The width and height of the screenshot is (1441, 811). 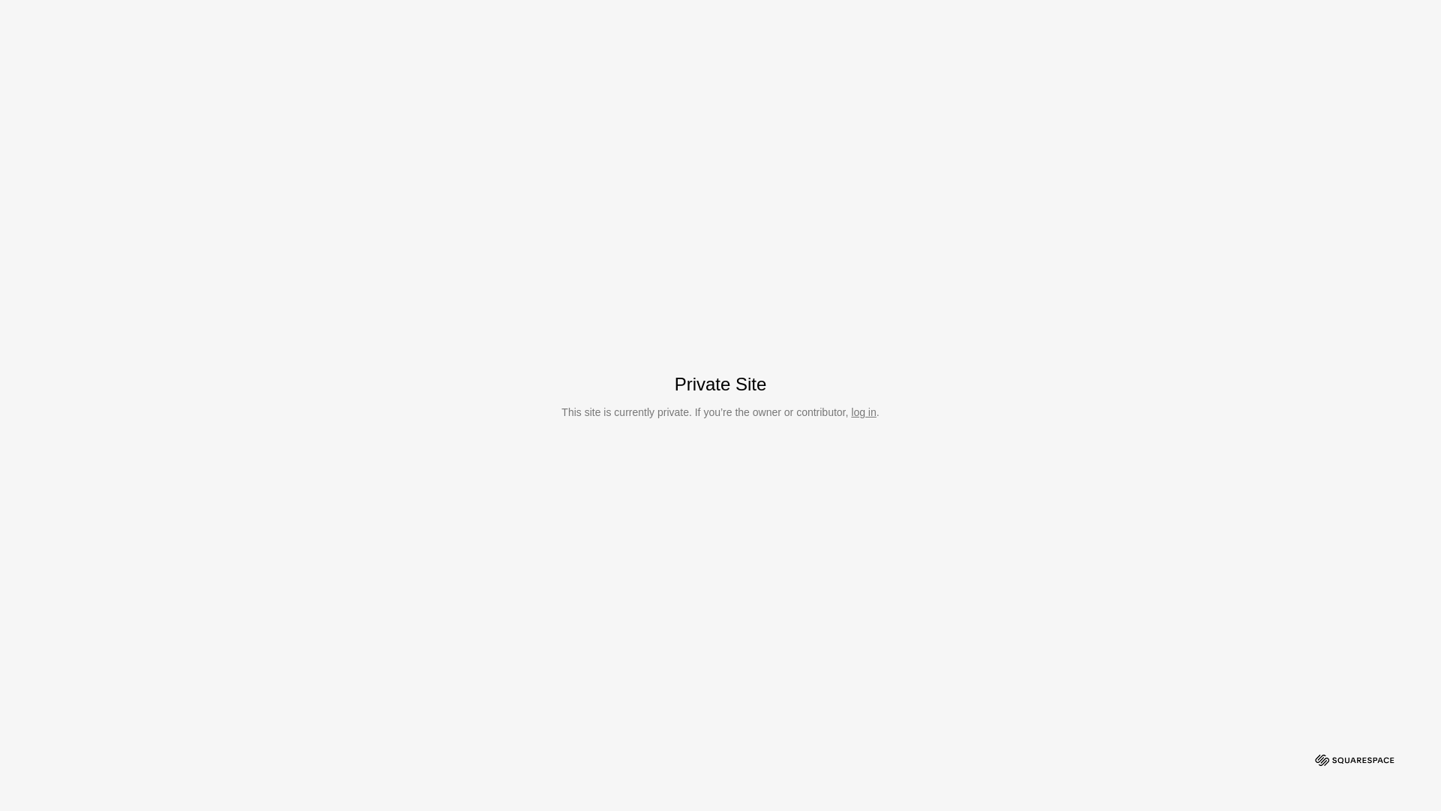 What do you see at coordinates (863, 412) in the screenshot?
I see `'log in'` at bounding box center [863, 412].